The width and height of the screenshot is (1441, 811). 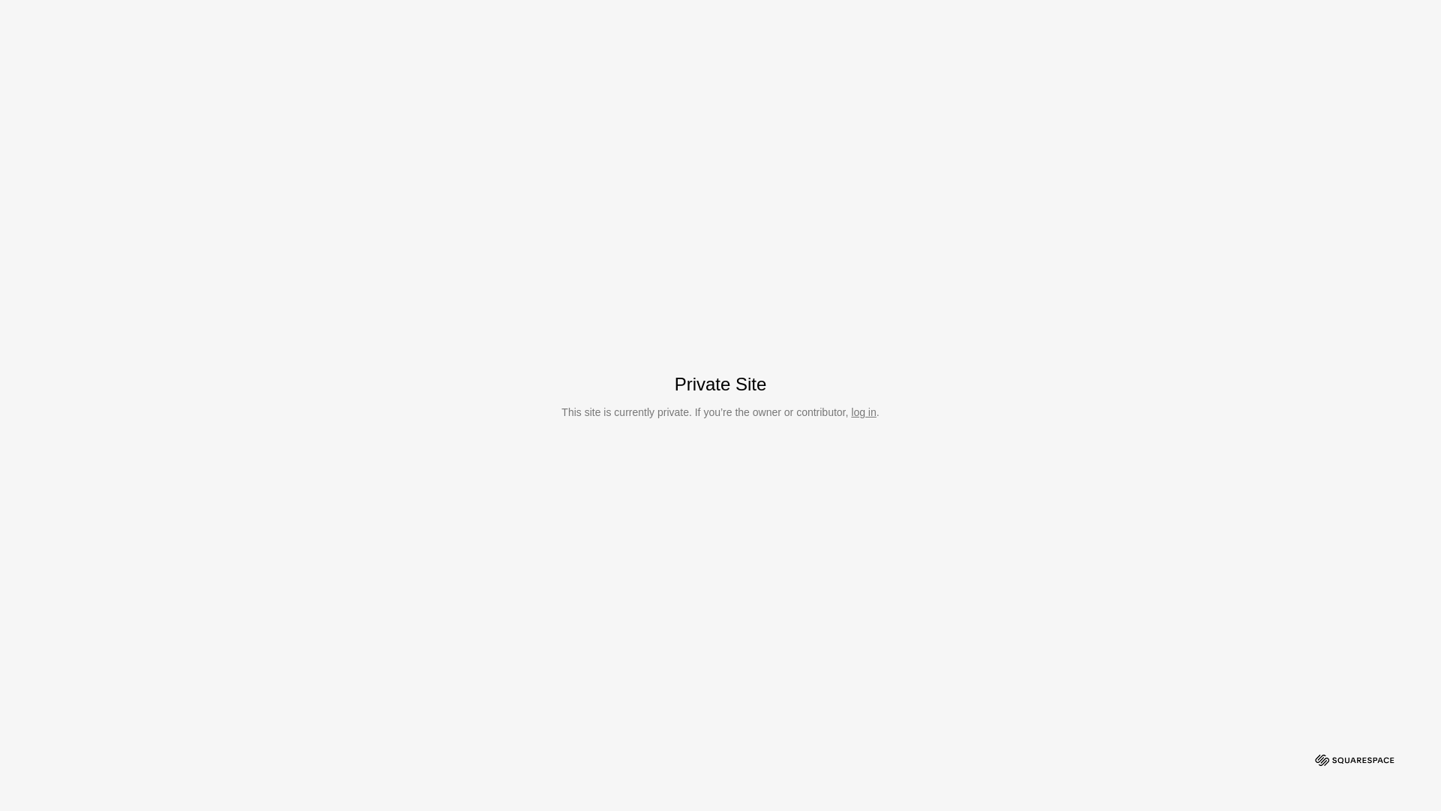 What do you see at coordinates (863, 412) in the screenshot?
I see `'log in'` at bounding box center [863, 412].